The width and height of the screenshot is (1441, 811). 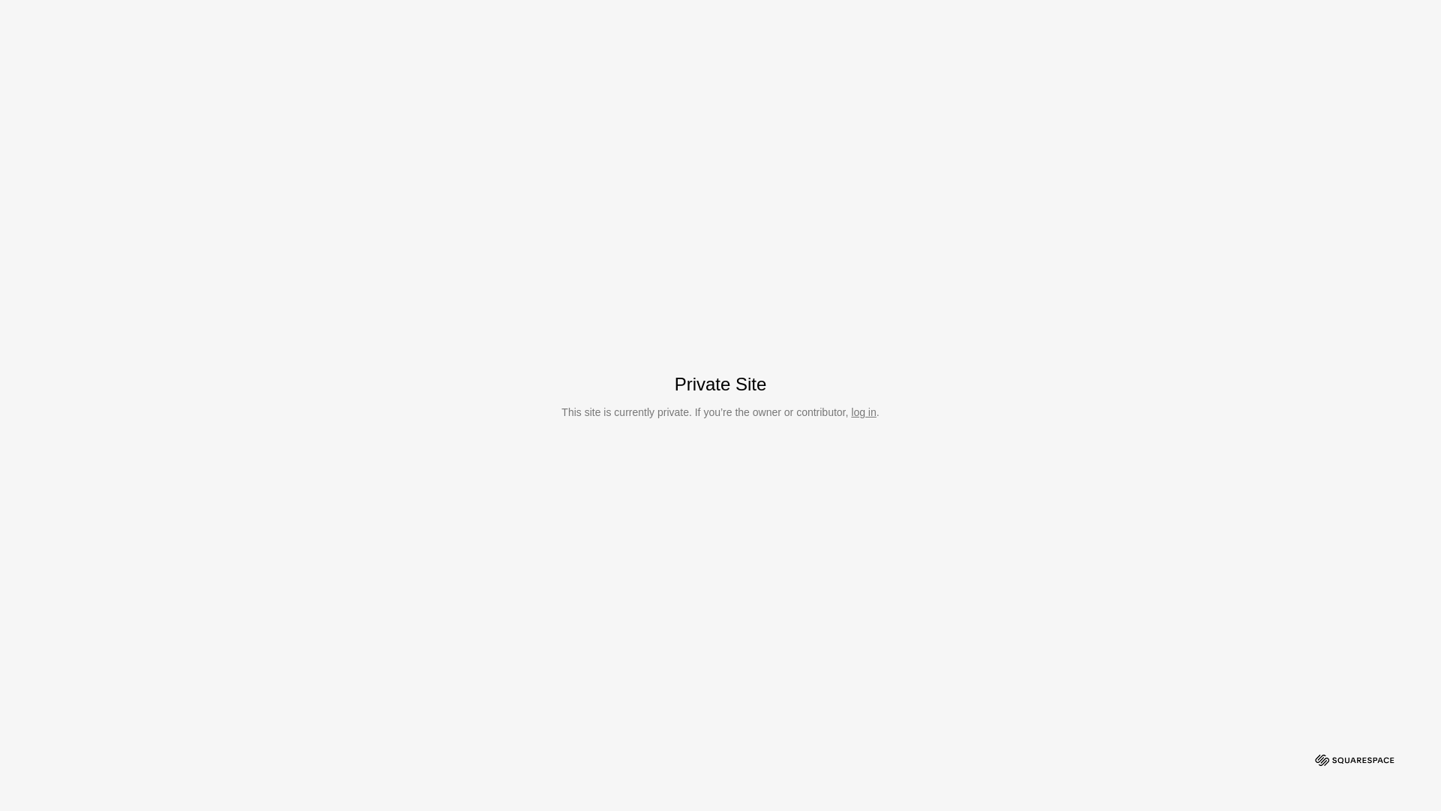 What do you see at coordinates (863, 412) in the screenshot?
I see `'log in'` at bounding box center [863, 412].